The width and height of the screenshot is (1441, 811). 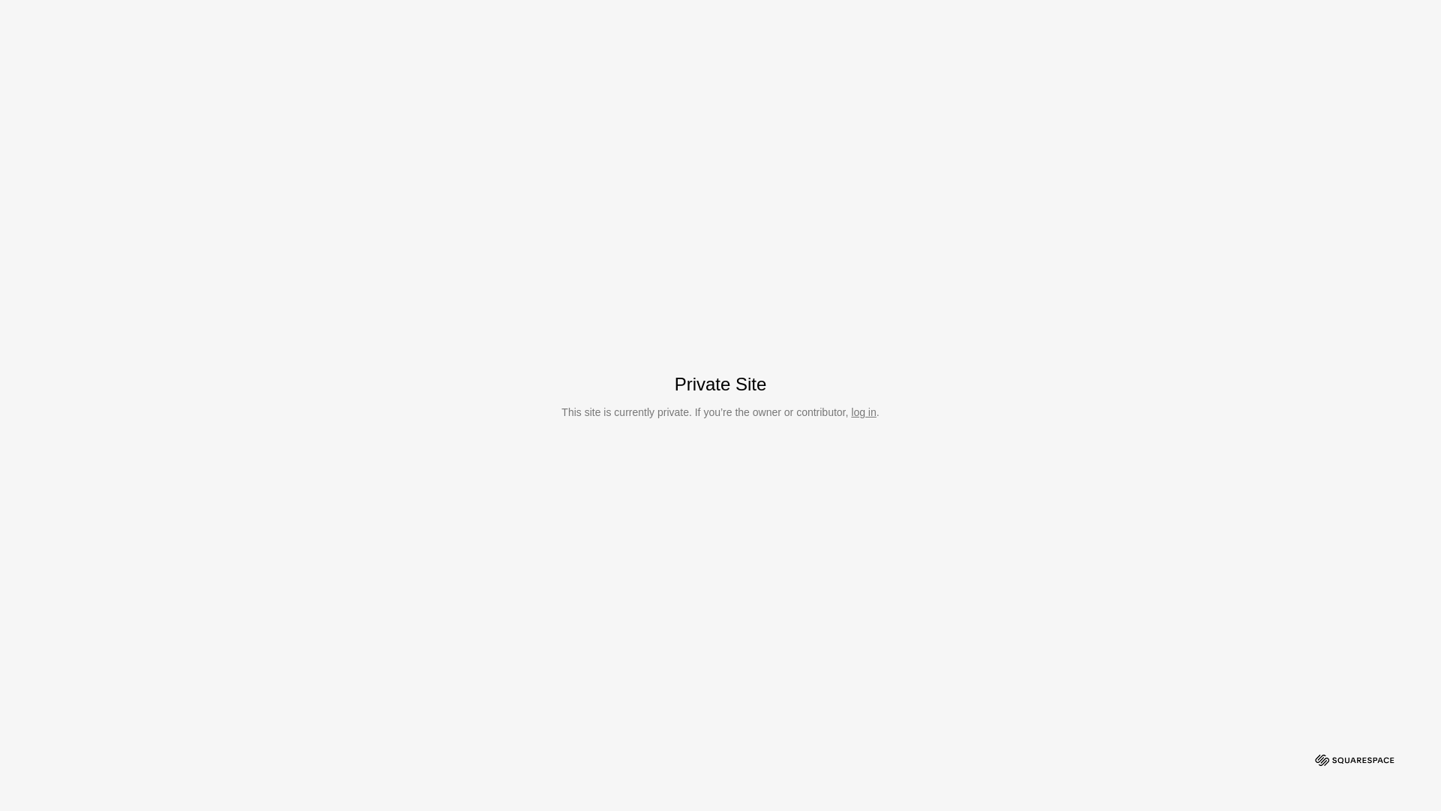 What do you see at coordinates (863, 412) in the screenshot?
I see `'log in'` at bounding box center [863, 412].